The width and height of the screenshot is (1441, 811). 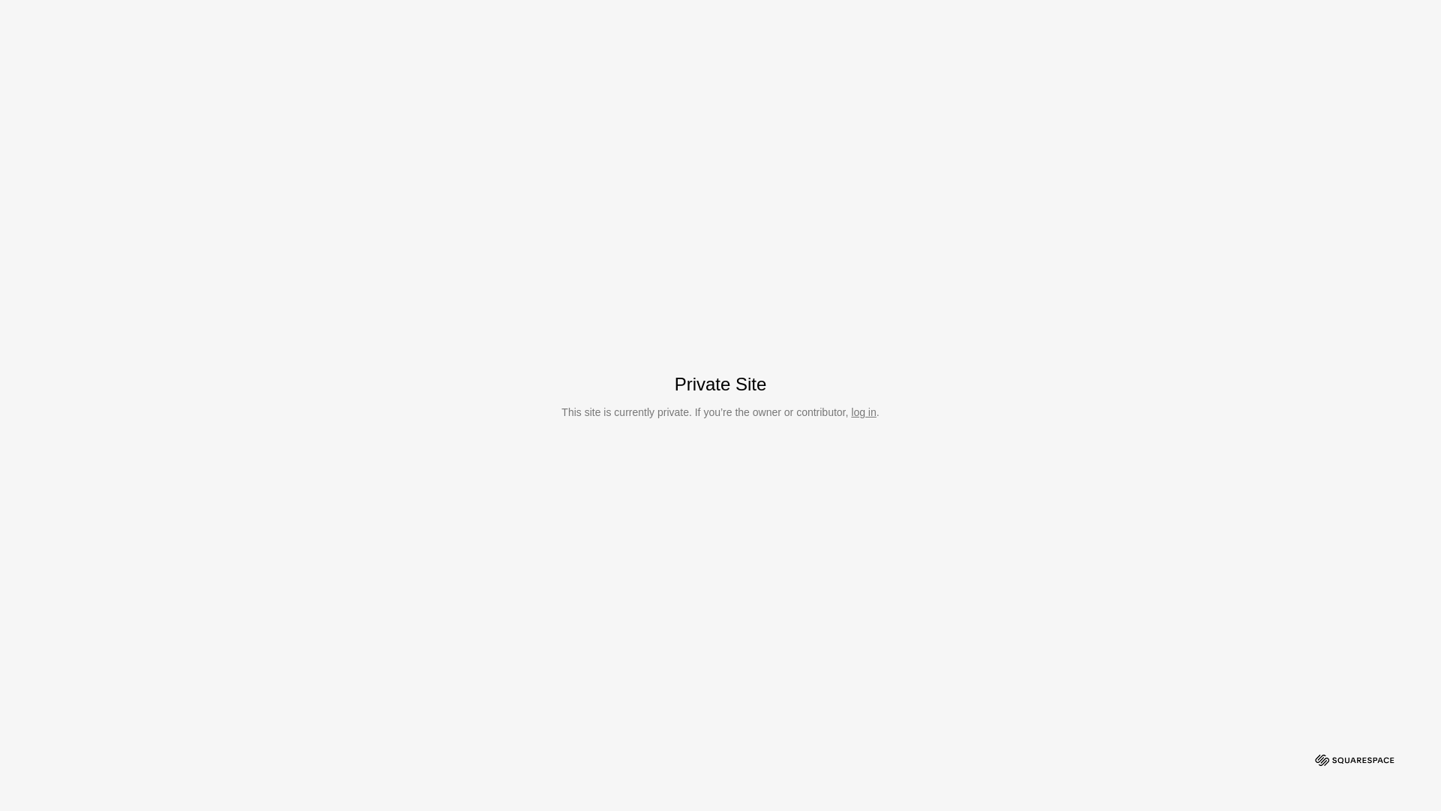 What do you see at coordinates (863, 412) in the screenshot?
I see `'log in'` at bounding box center [863, 412].